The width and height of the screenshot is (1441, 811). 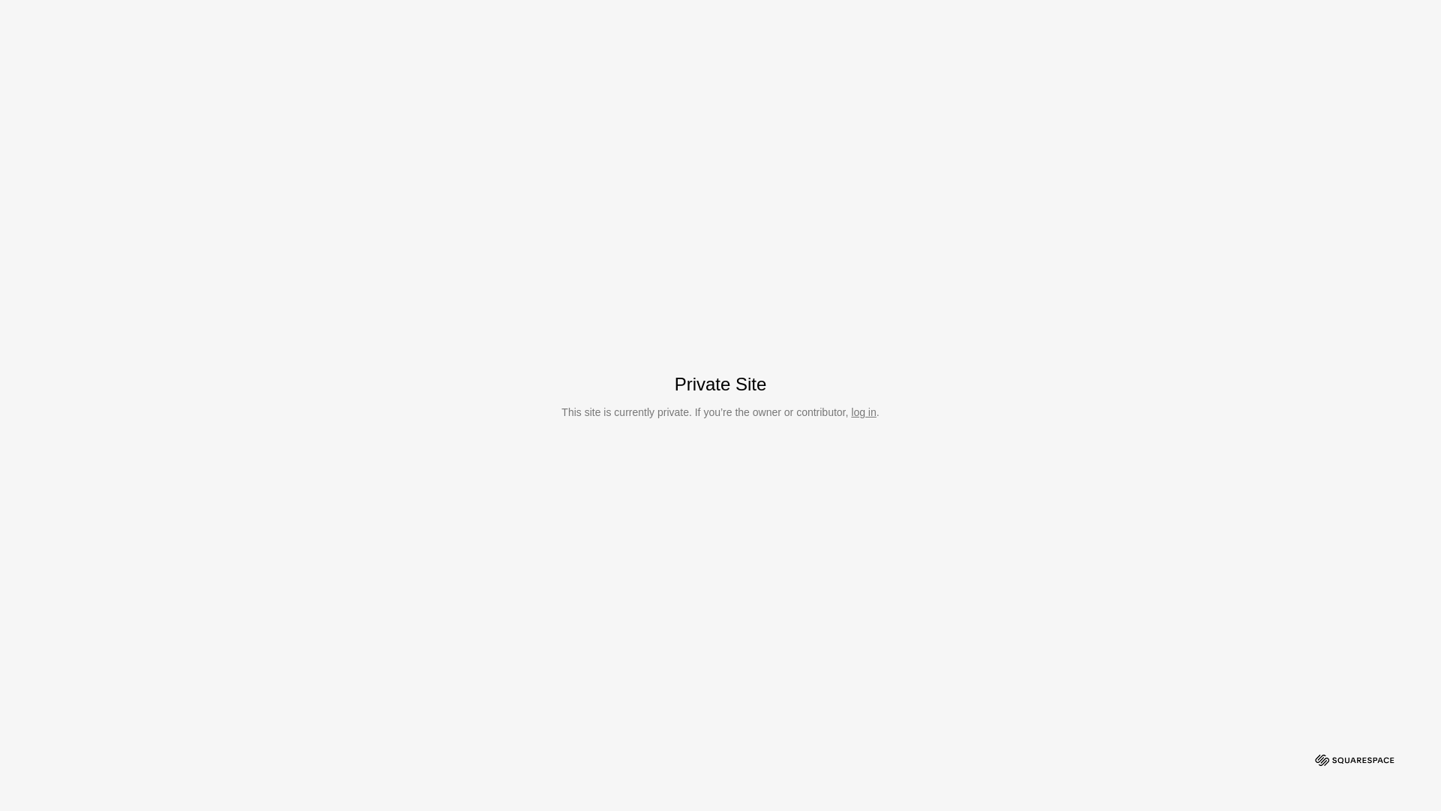 What do you see at coordinates (863, 412) in the screenshot?
I see `'log in'` at bounding box center [863, 412].